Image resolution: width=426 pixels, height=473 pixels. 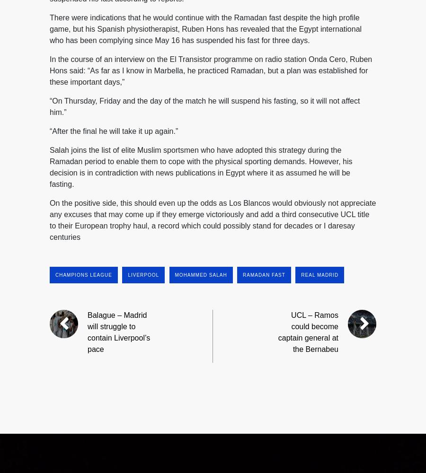 I want to click on 'mohammed salah', so click(x=200, y=274).